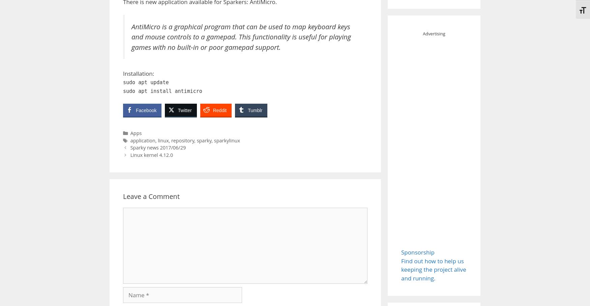 Image resolution: width=590 pixels, height=306 pixels. Describe the element at coordinates (151, 196) in the screenshot. I see `'Leave a Comment'` at that location.